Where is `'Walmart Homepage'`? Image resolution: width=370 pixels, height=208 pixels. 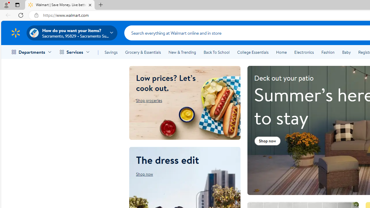 'Walmart Homepage' is located at coordinates (15, 33).